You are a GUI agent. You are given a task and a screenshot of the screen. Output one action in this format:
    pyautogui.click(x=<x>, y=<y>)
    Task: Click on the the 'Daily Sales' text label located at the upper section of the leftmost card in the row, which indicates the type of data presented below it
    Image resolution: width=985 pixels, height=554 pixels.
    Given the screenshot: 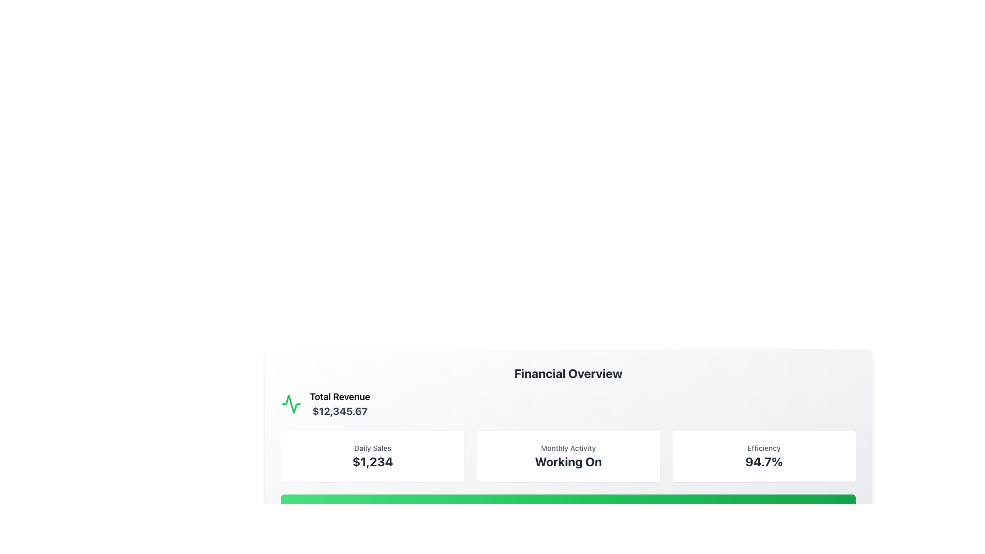 What is the action you would take?
    pyautogui.click(x=372, y=448)
    